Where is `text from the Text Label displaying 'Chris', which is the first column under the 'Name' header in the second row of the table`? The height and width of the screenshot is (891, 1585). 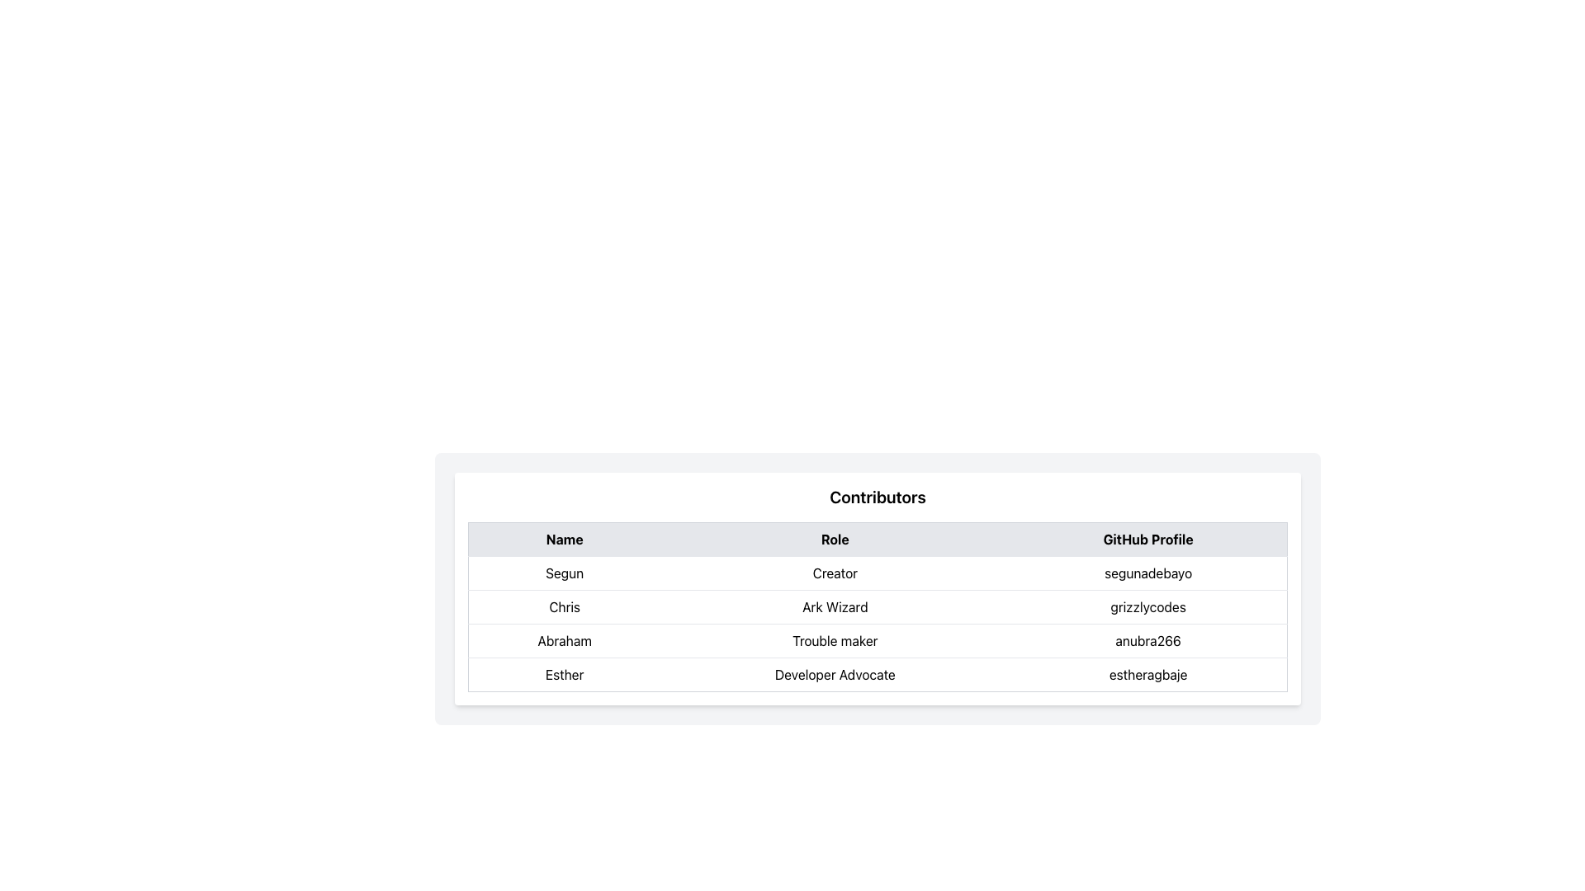
text from the Text Label displaying 'Chris', which is the first column under the 'Name' header in the second row of the table is located at coordinates (564, 607).